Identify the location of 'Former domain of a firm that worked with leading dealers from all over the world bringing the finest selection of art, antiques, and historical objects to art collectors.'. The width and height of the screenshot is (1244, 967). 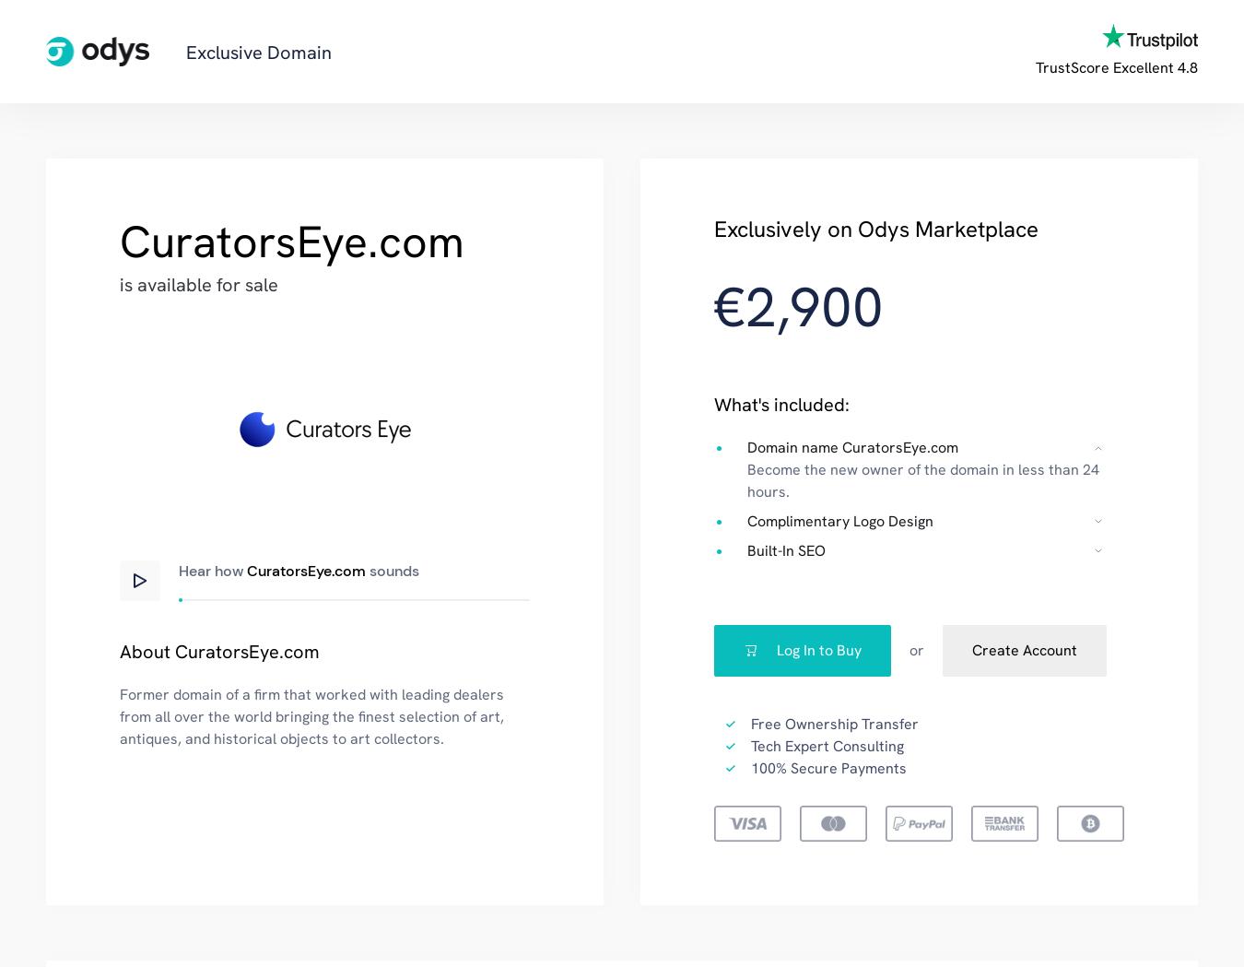
(311, 716).